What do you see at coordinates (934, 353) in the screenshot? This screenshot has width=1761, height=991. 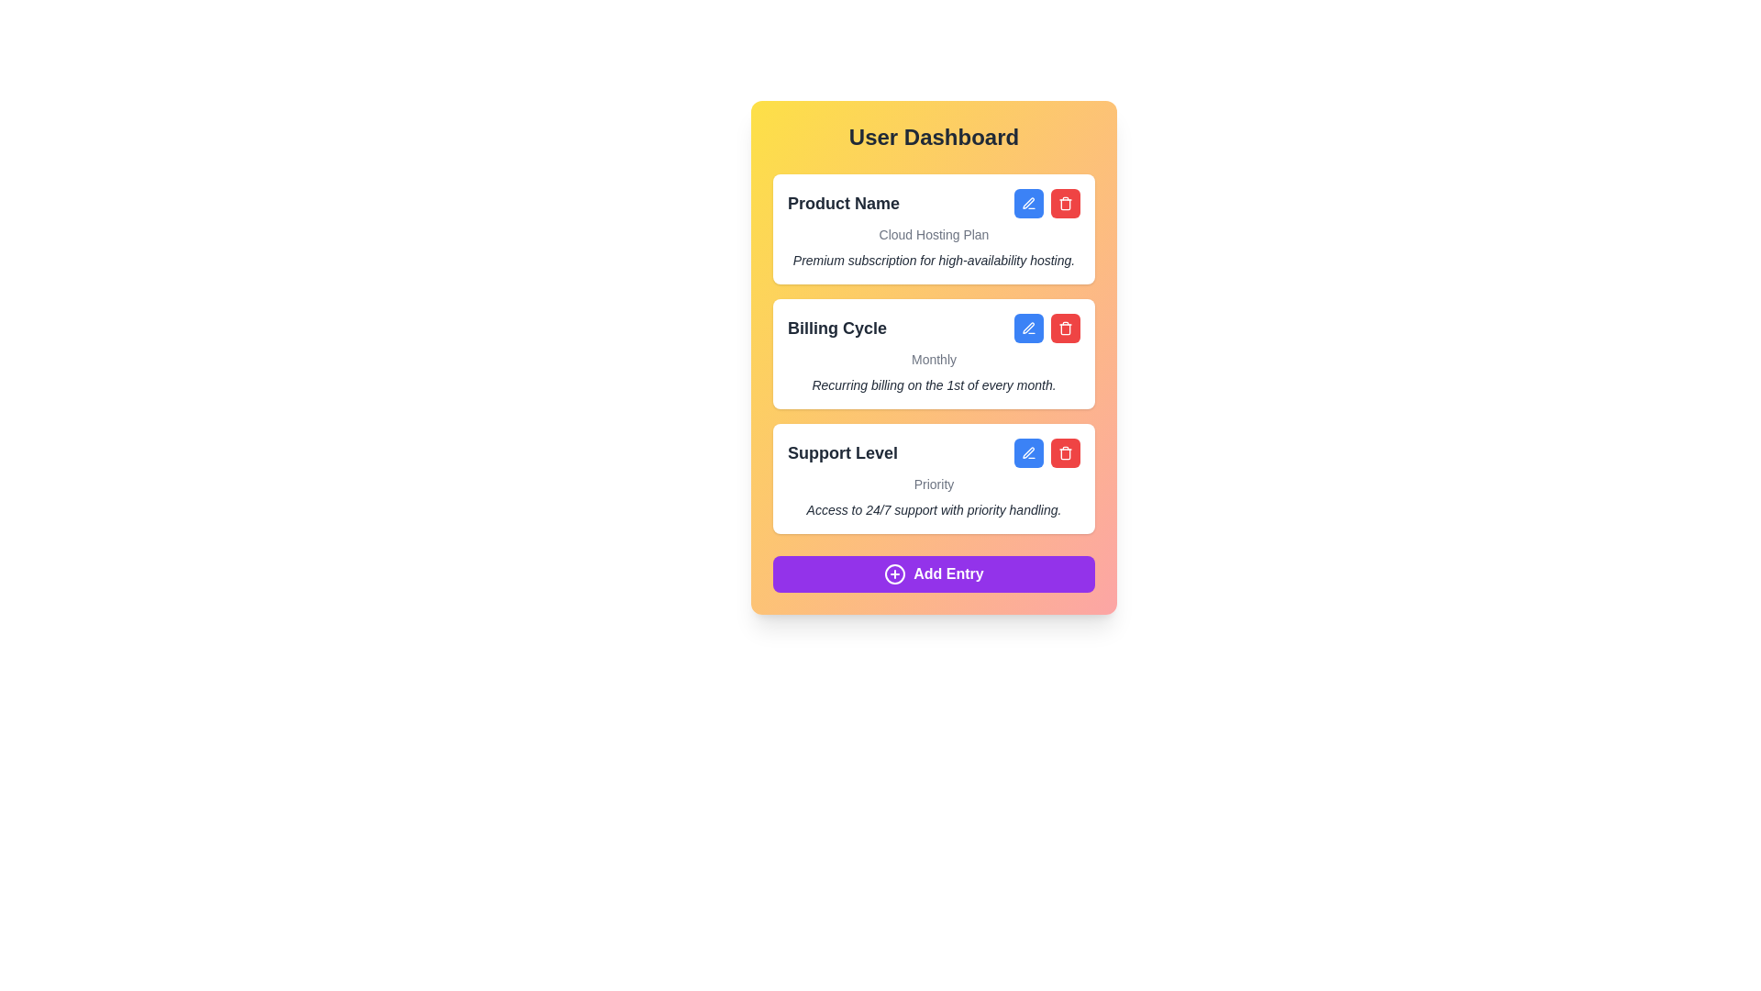 I see `the informational card displaying billing cycle information that indicates 'Monthly' and the recurring billing date '1st of every month', which is the second card in the vertical list on the dashboard interface` at bounding box center [934, 353].